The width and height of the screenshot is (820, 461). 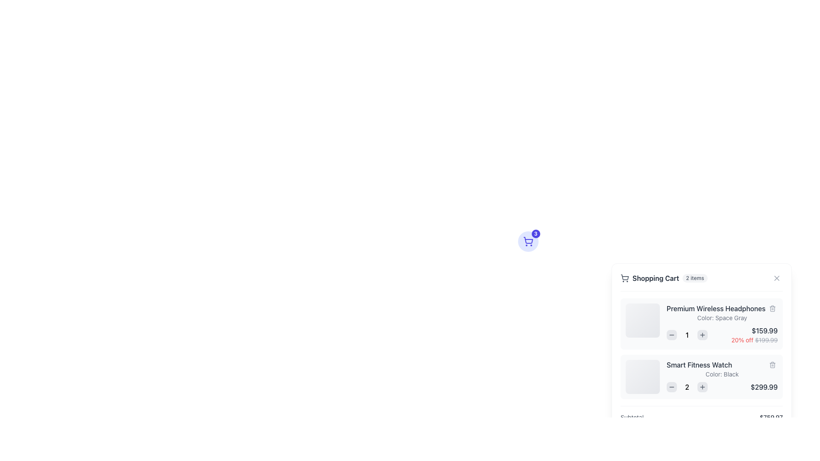 What do you see at coordinates (671, 335) in the screenshot?
I see `the decrement button located to the left of the number '1' in the quantity selector for the 'Premium Wireless Headphones' item in the shopping cart` at bounding box center [671, 335].